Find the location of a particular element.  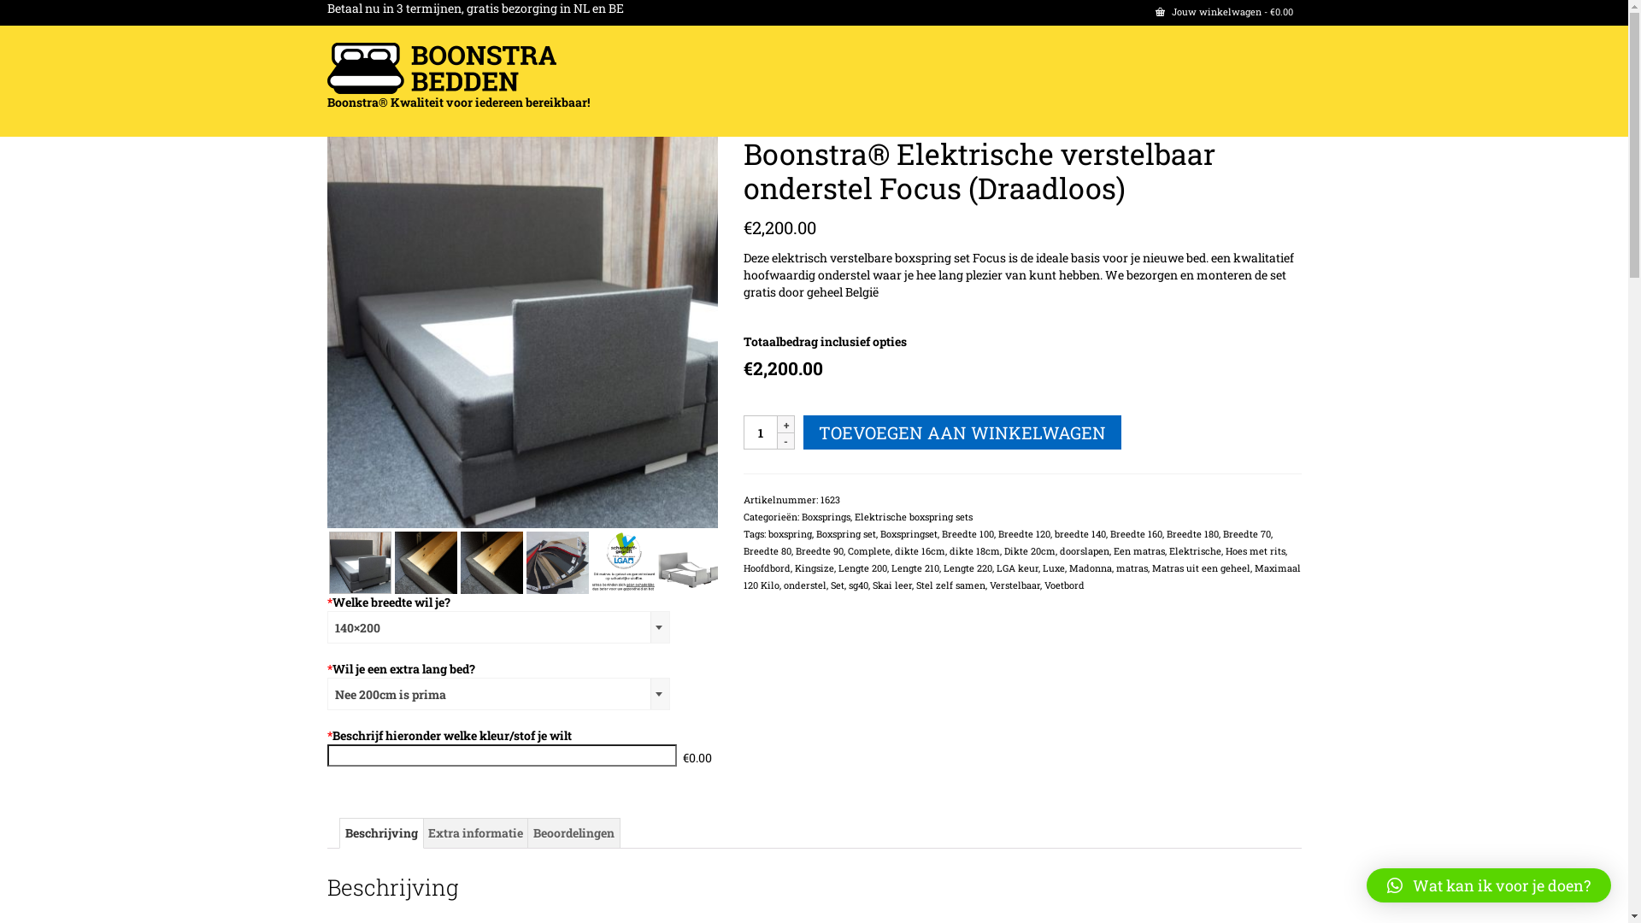

'Dikte 20cm' is located at coordinates (1028, 550).